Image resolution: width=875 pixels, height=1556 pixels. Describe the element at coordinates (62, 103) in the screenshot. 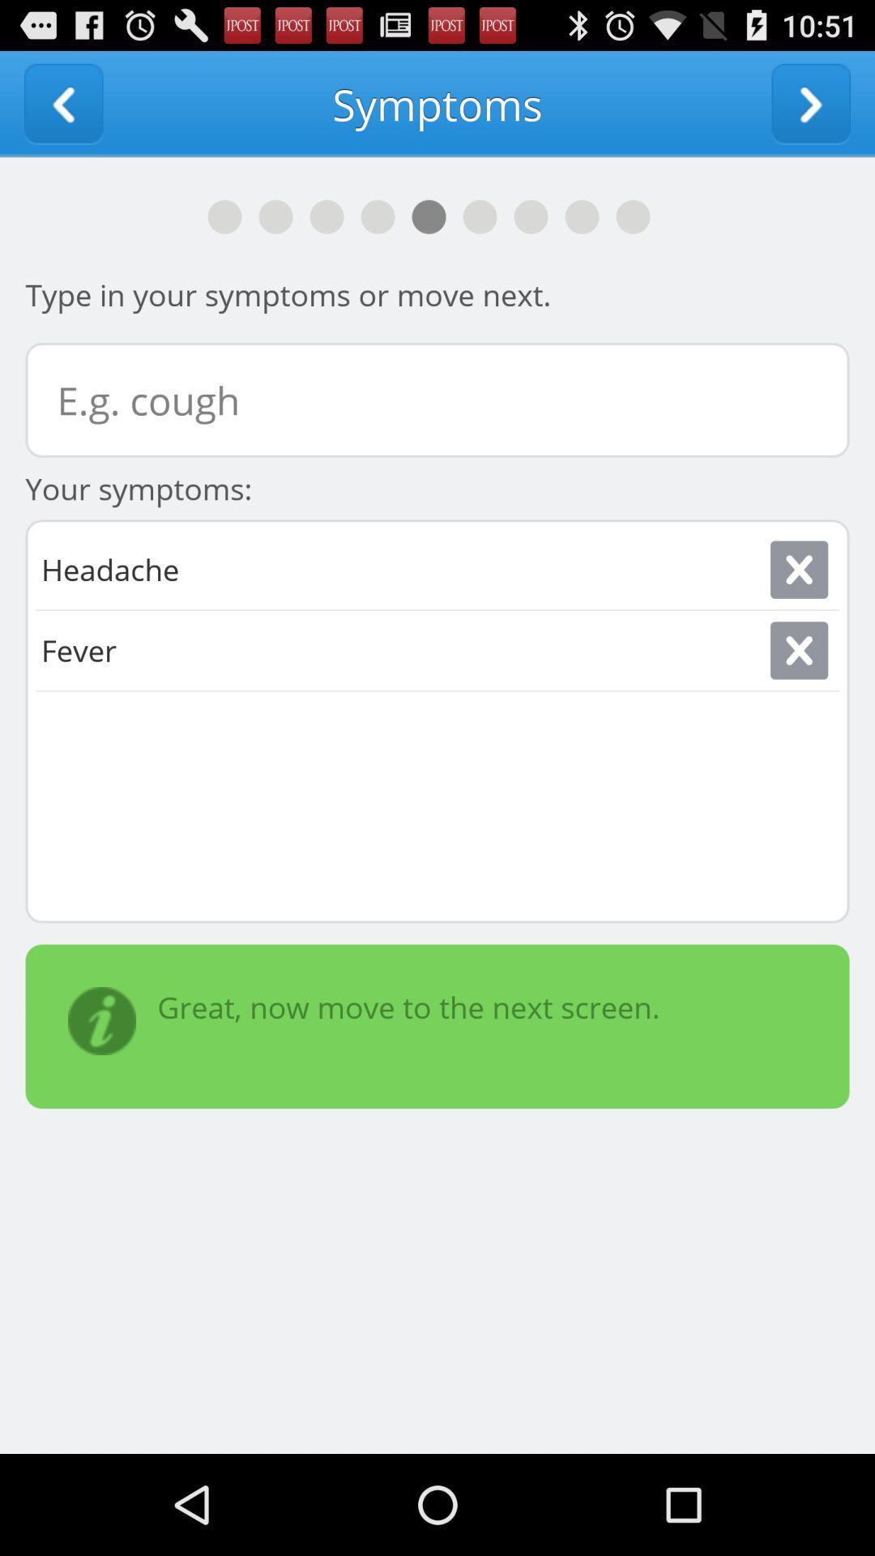

I see `previous` at that location.